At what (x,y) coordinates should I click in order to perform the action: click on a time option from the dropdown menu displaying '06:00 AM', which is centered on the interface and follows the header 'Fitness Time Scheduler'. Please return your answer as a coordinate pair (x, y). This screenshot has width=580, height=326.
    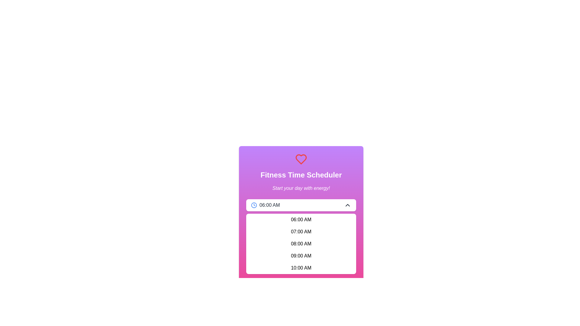
    Looking at the image, I should click on (301, 208).